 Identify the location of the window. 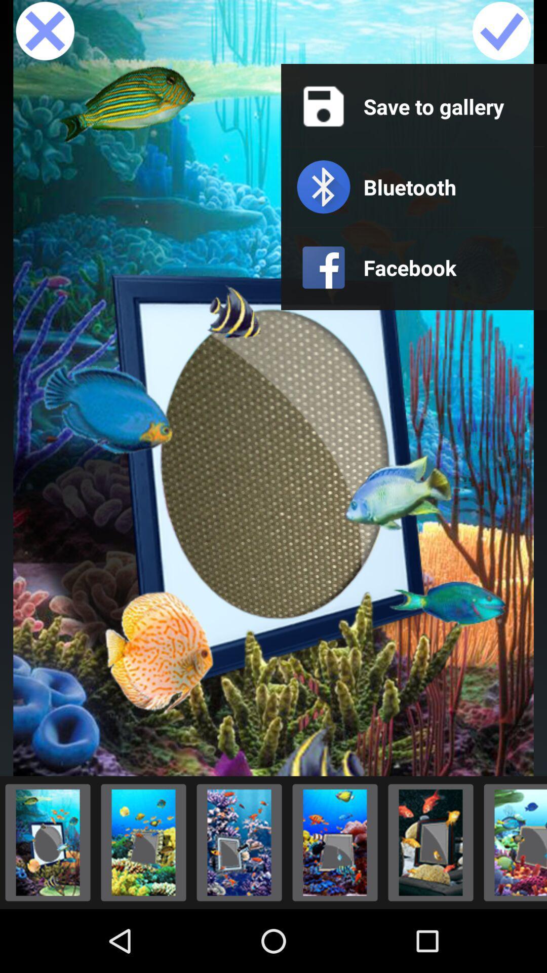
(45, 31).